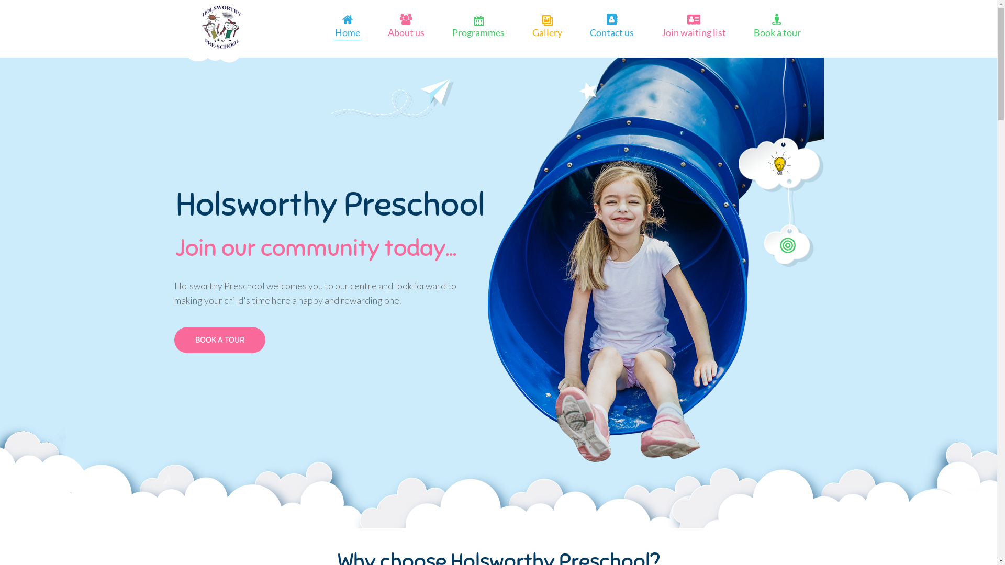  What do you see at coordinates (694, 32) in the screenshot?
I see `'Join waiting list'` at bounding box center [694, 32].